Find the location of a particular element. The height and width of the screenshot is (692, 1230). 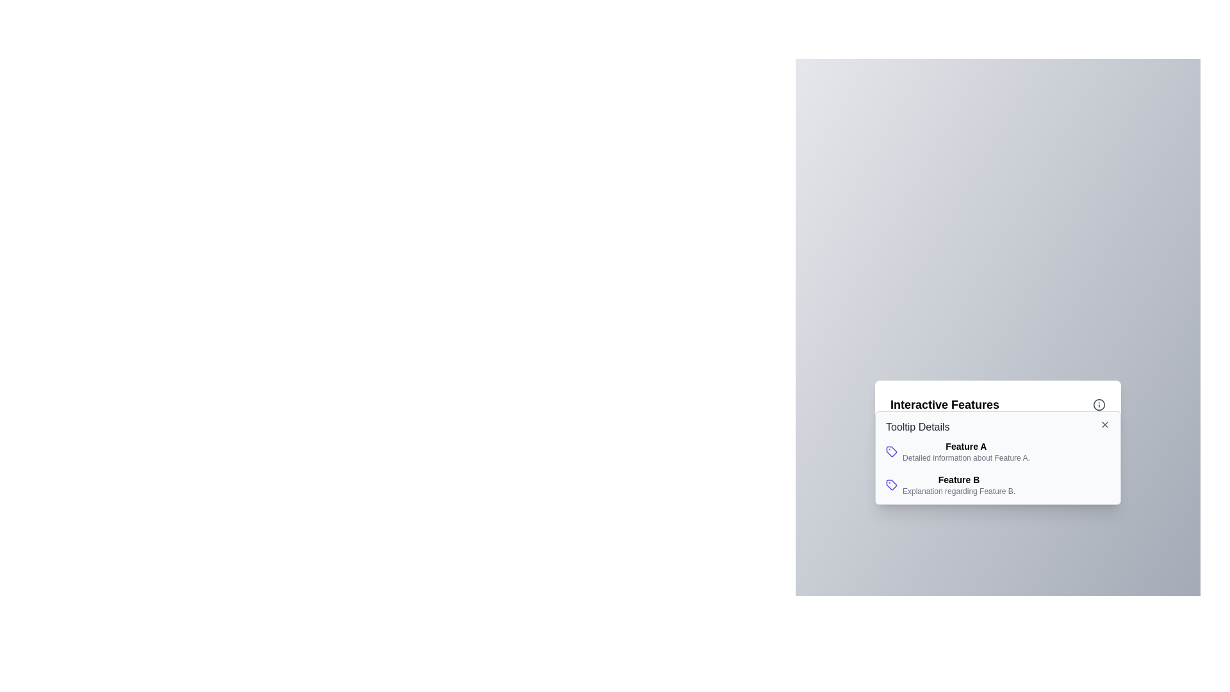

the label providing additional descriptive information about 'Feature A' located beneath the text 'Feature A' in the description panel for 'Interactive Features' is located at coordinates (966, 457).